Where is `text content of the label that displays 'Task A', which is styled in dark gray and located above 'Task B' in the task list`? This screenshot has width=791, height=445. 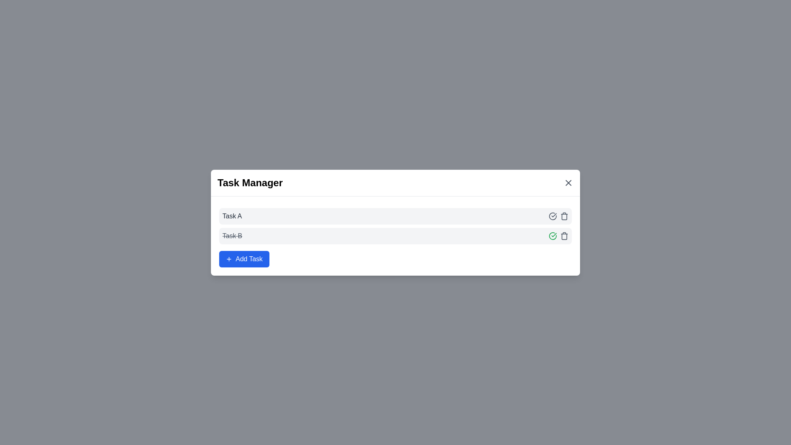
text content of the label that displays 'Task A', which is styled in dark gray and located above 'Task B' in the task list is located at coordinates (232, 215).